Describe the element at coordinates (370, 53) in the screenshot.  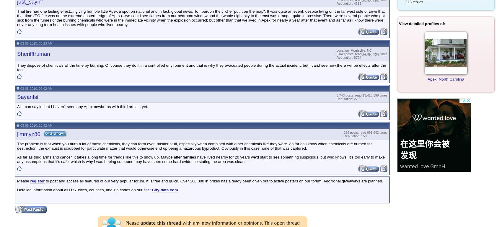
I see `'14,340,996'` at that location.